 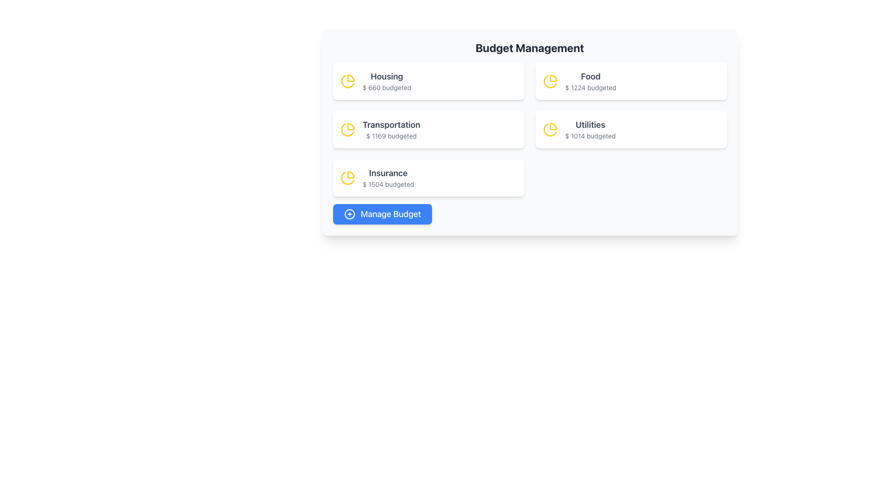 I want to click on the 'Housing' label which displays the text '$660 budgeted' within the first card of the budget categories under 'Budget Management.', so click(x=387, y=80).